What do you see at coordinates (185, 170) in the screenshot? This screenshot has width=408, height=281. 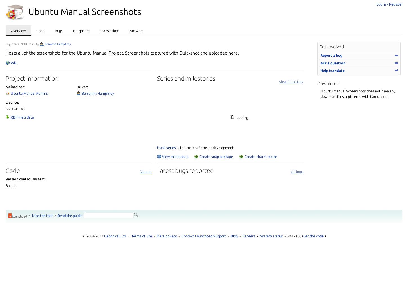 I see `'Latest bugs reported'` at bounding box center [185, 170].